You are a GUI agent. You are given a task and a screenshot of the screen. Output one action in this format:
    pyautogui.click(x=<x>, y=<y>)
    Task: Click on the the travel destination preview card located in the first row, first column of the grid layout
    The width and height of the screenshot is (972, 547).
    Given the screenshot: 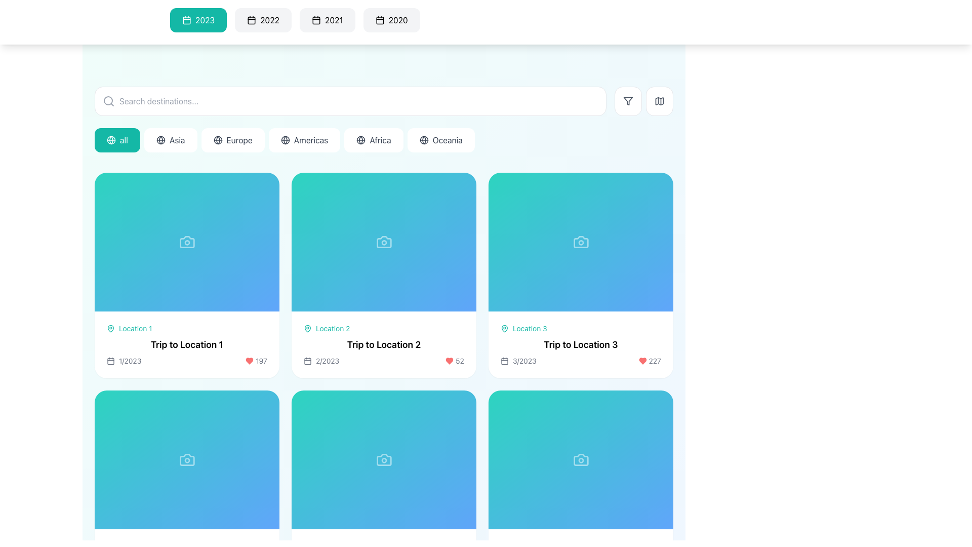 What is the action you would take?
    pyautogui.click(x=187, y=275)
    